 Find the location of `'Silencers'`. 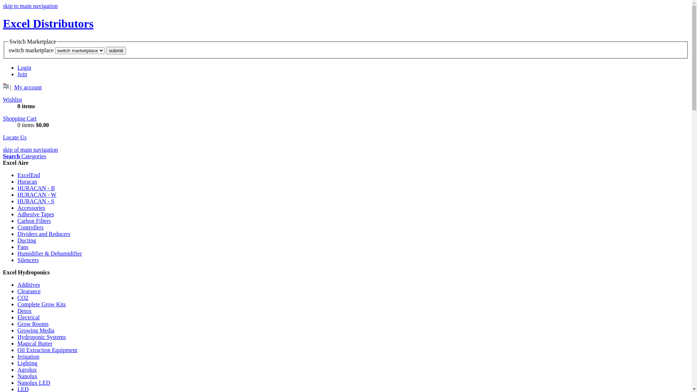

'Silencers' is located at coordinates (17, 260).